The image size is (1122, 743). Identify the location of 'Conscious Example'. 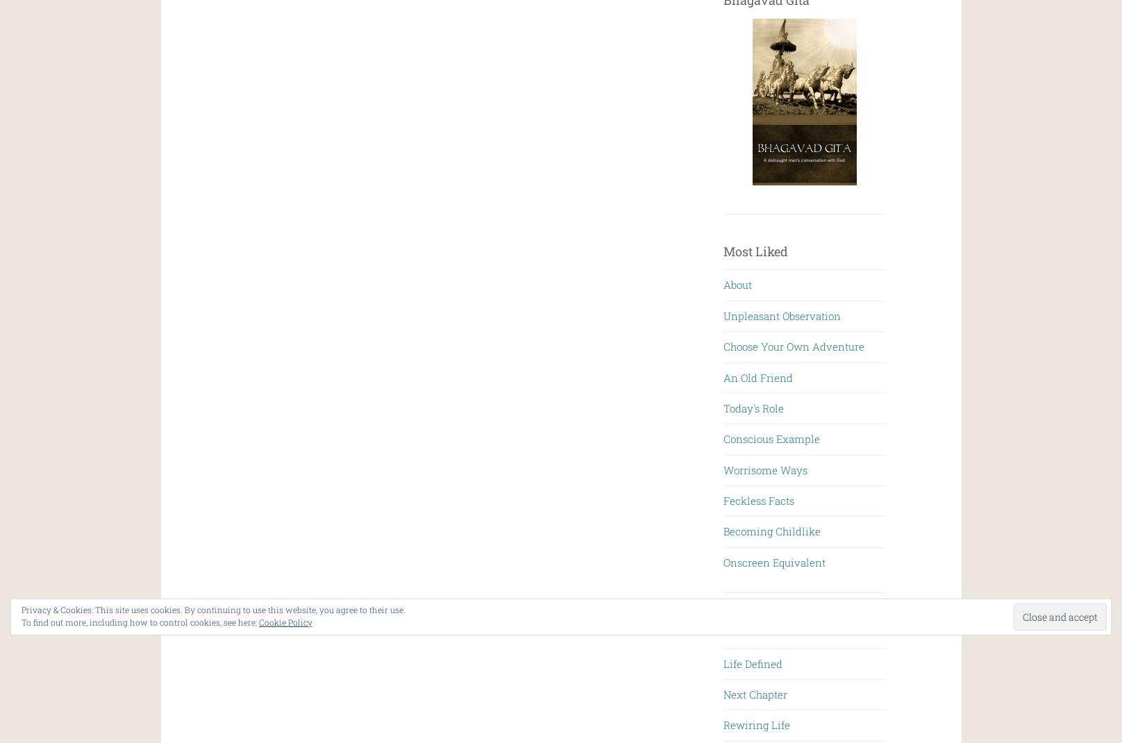
(771, 439).